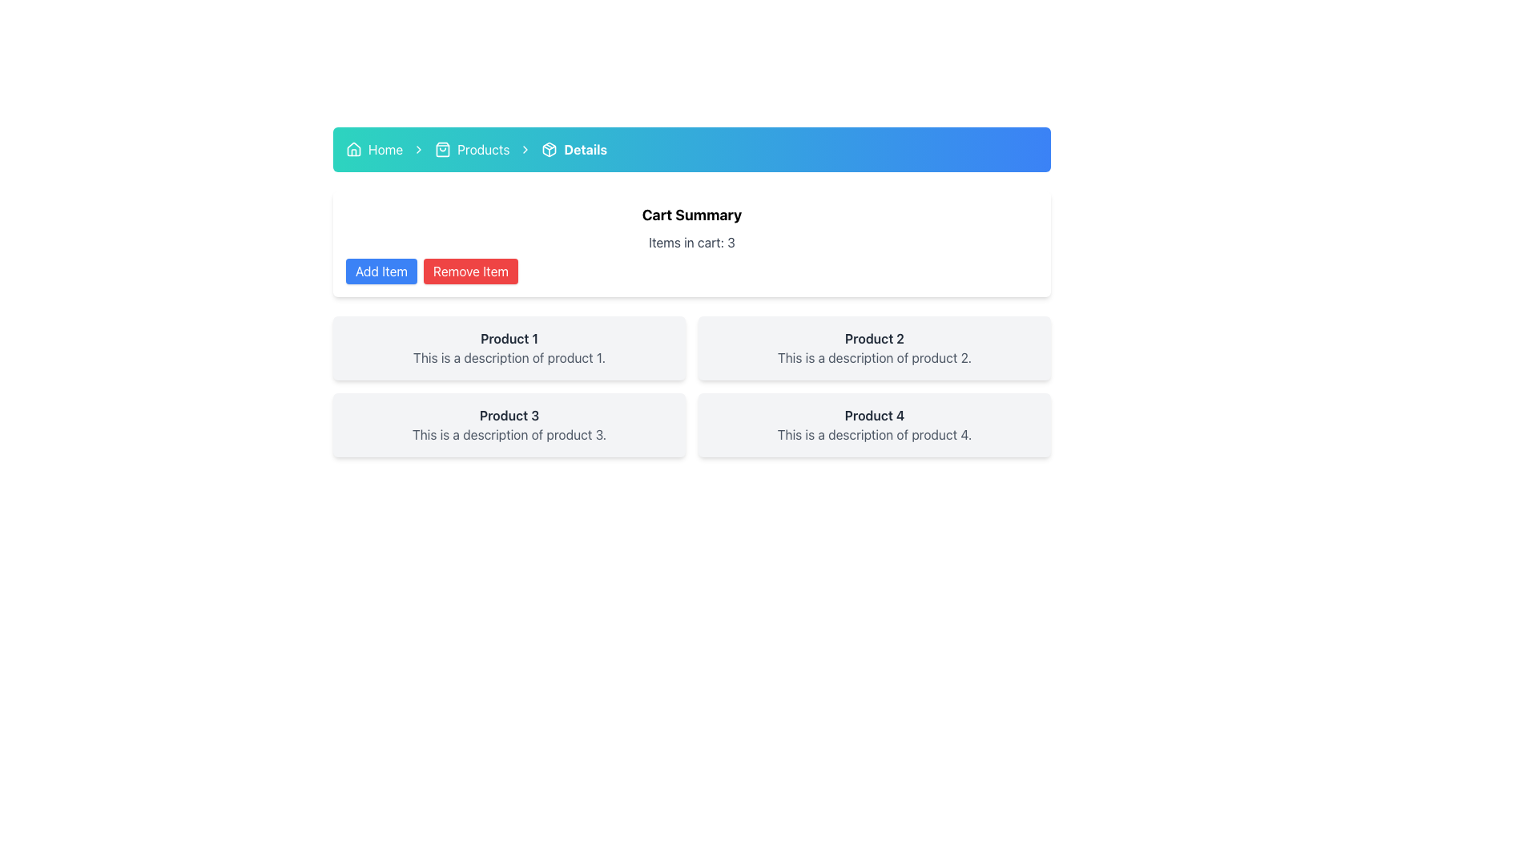 Image resolution: width=1538 pixels, height=865 pixels. What do you see at coordinates (419, 149) in the screenshot?
I see `the second right-facing chevron SVG icon in the breadcrumb navigation bar` at bounding box center [419, 149].